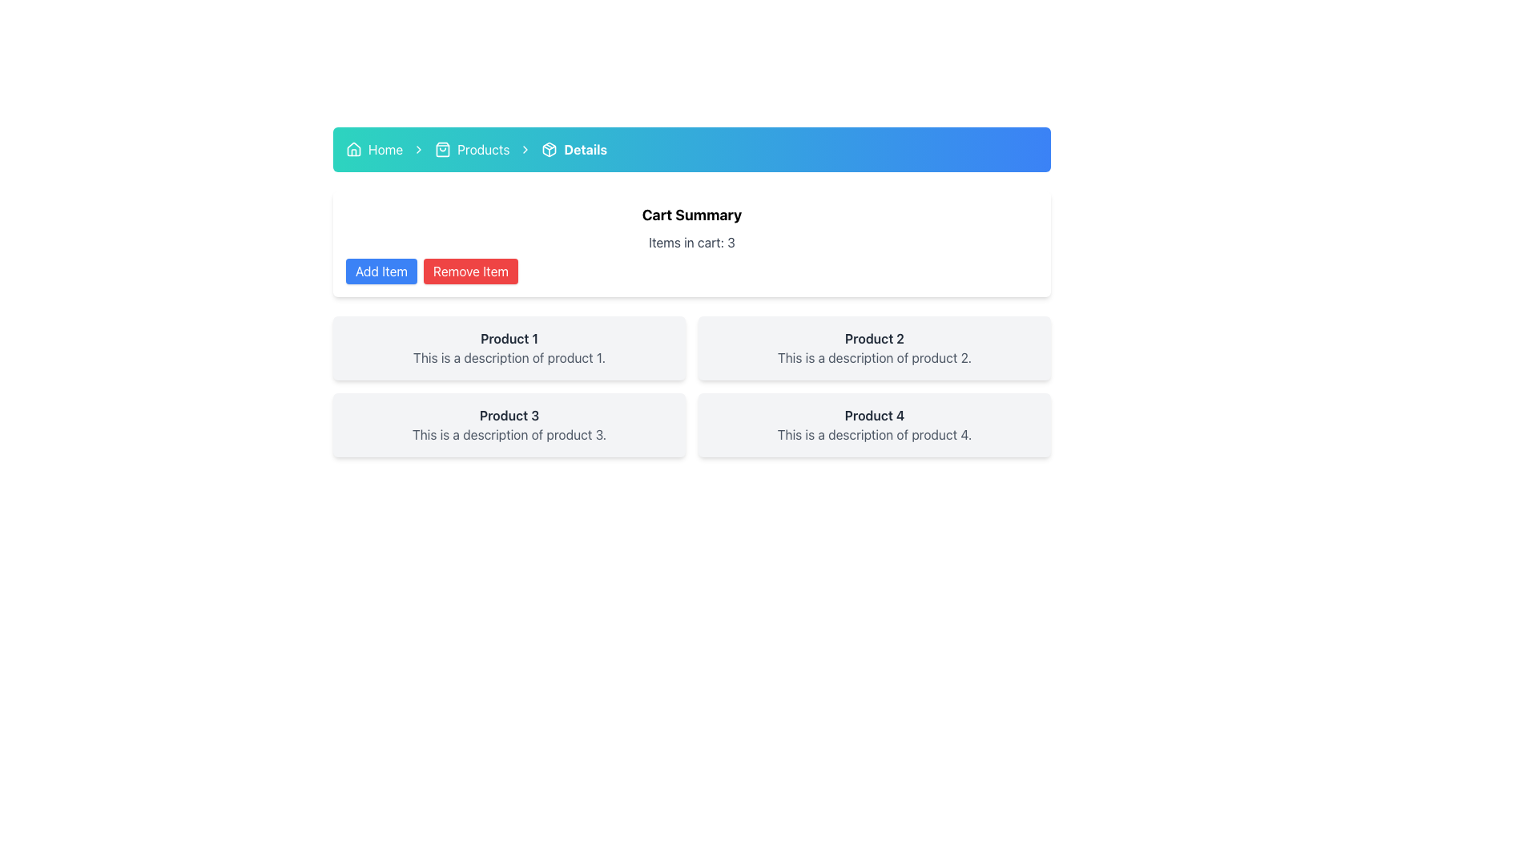 Image resolution: width=1538 pixels, height=865 pixels. What do you see at coordinates (419, 149) in the screenshot?
I see `the second right-facing chevron SVG icon in the breadcrumb navigation bar` at bounding box center [419, 149].